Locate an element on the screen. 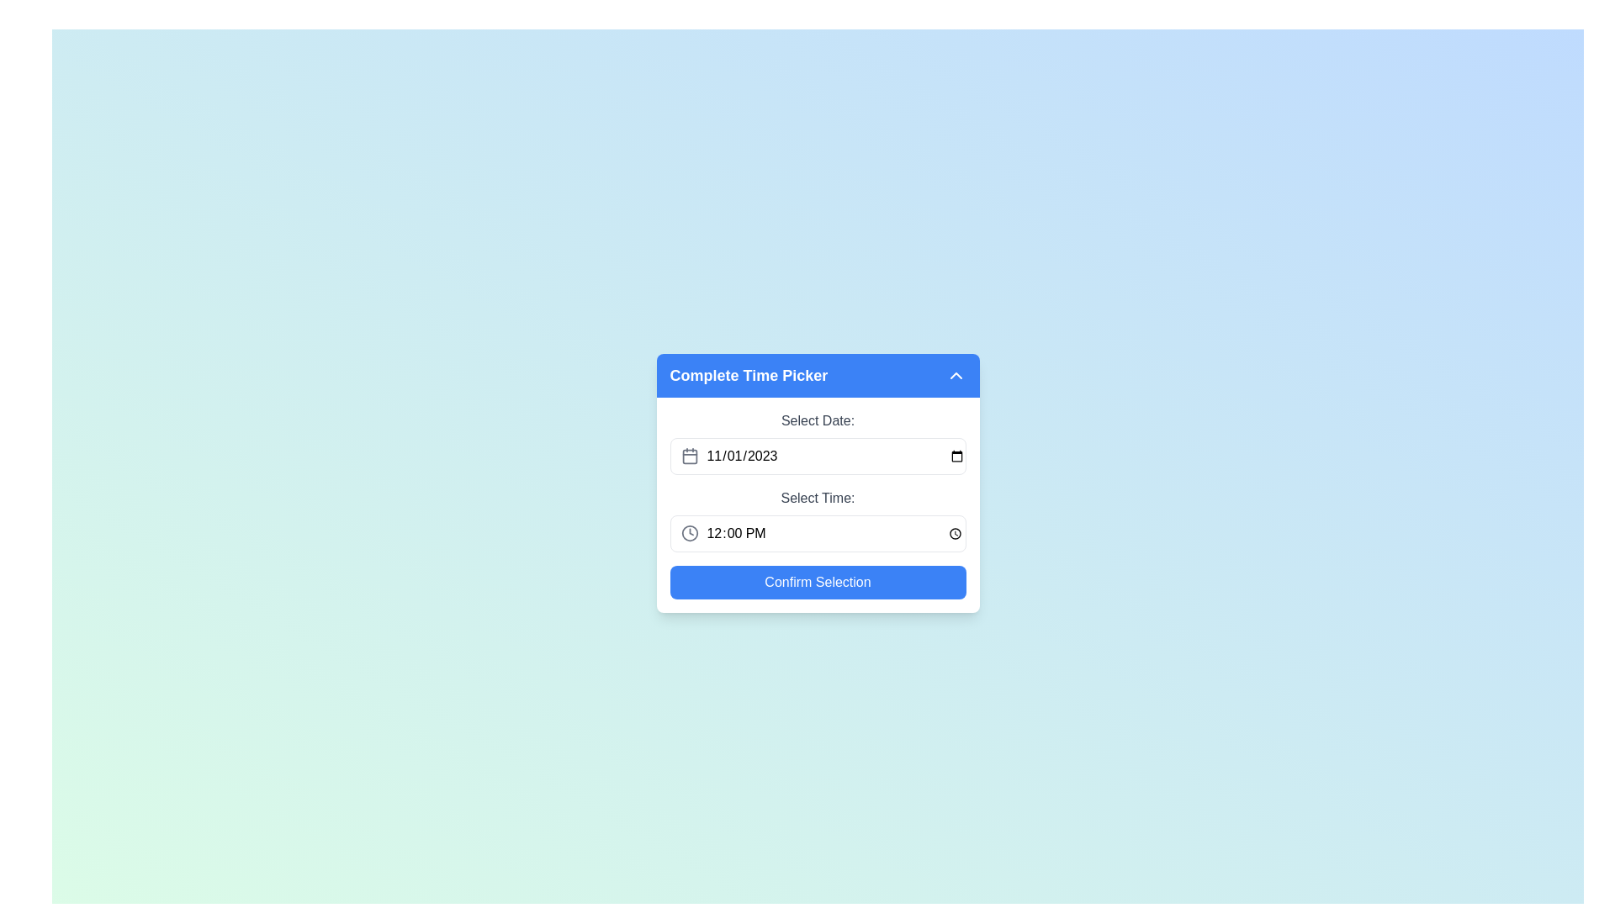  the chevron button located at the top-right corner of the 'Complete Time Picker' header section is located at coordinates (956, 375).